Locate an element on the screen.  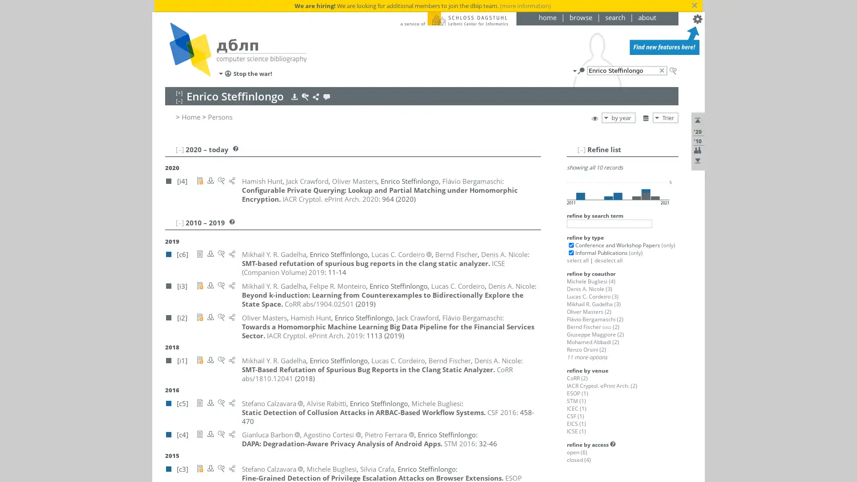
Renzo Orsini (2) is located at coordinates (587, 349).